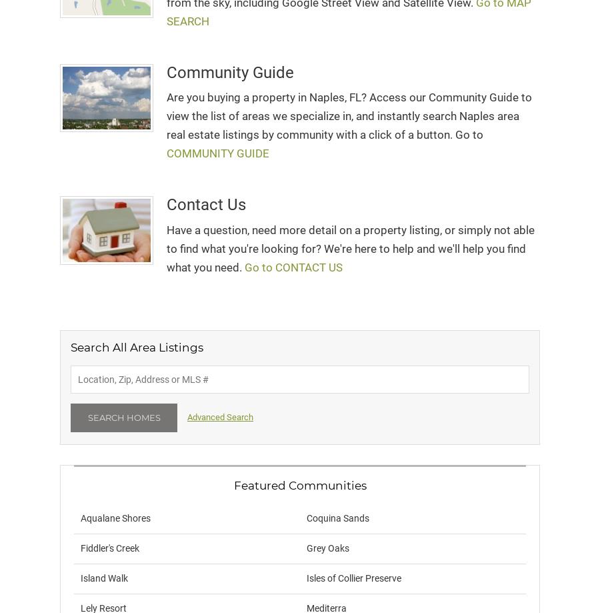 The image size is (600, 613). I want to click on 'Featured Communities', so click(233, 484).